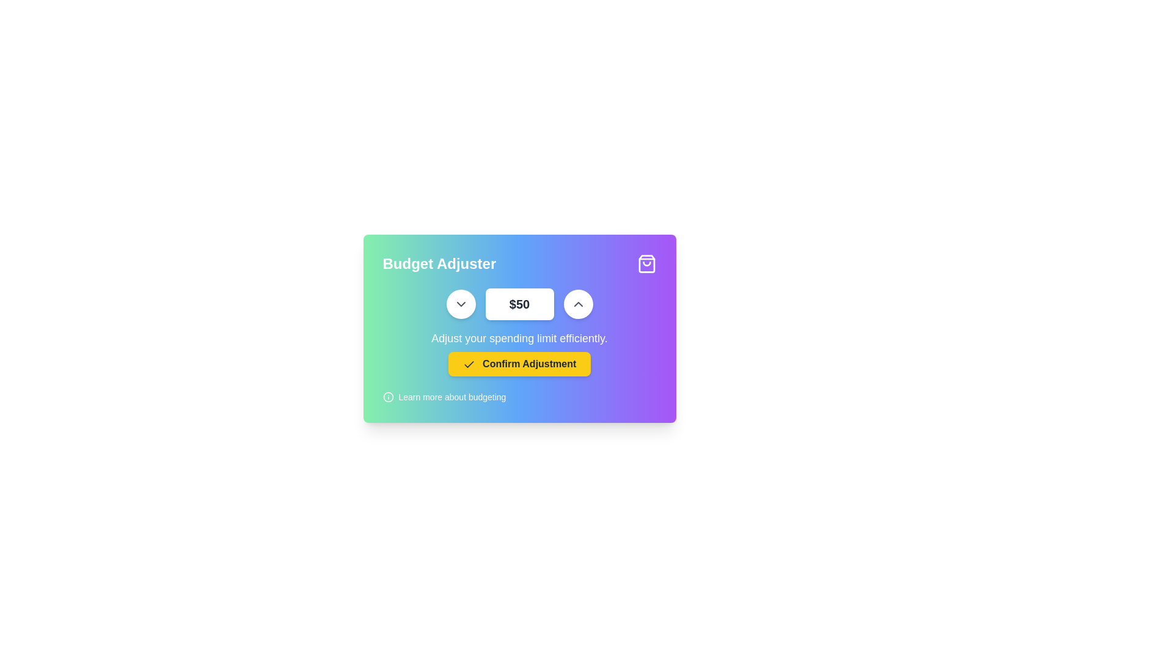 This screenshot has width=1173, height=660. What do you see at coordinates (451, 397) in the screenshot?
I see `the Text label located at the bottom-left corner of the panel` at bounding box center [451, 397].